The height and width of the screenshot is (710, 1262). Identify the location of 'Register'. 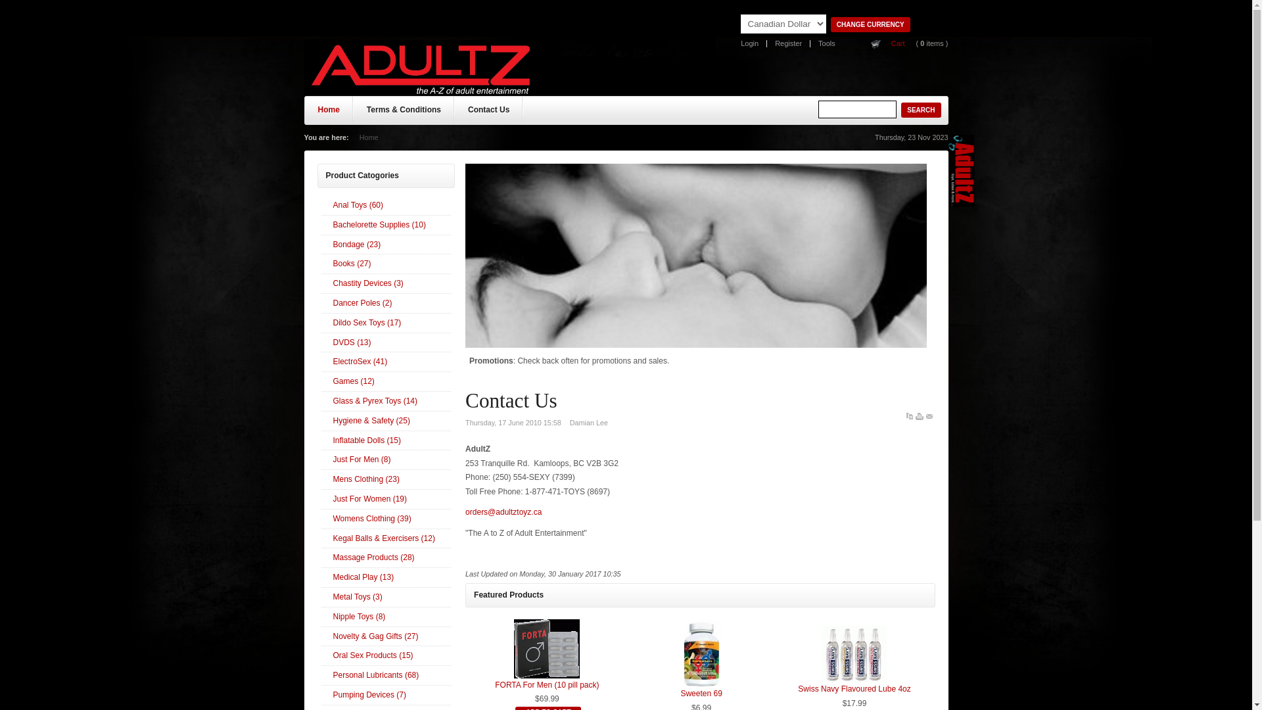
(789, 43).